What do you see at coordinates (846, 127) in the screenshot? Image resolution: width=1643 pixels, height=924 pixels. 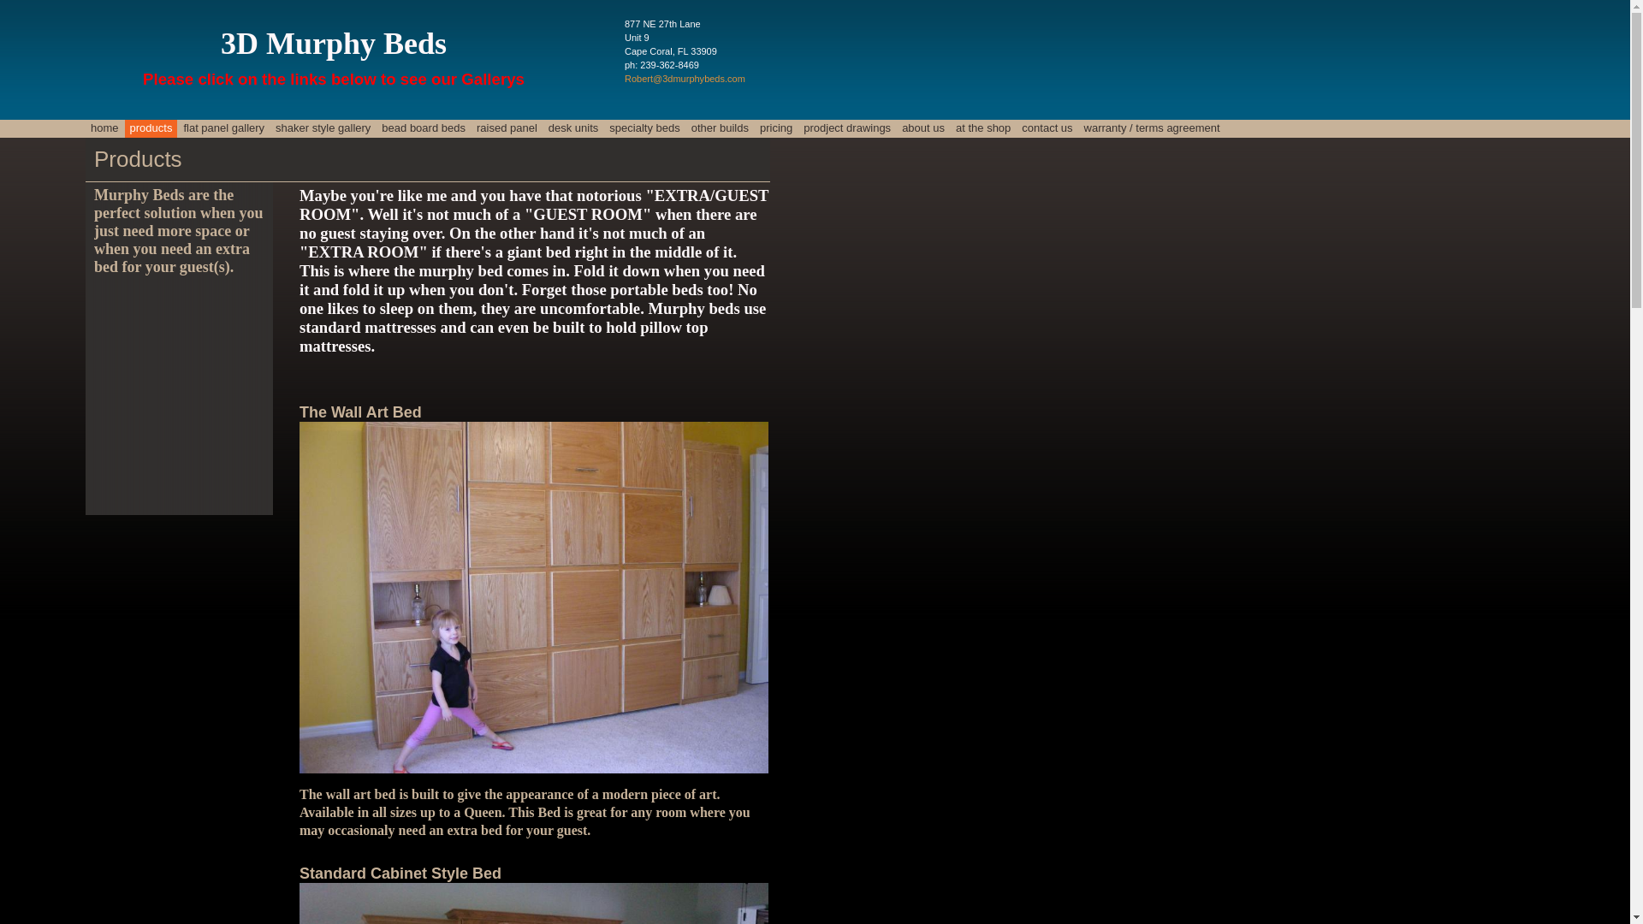 I see `'prodject drawings'` at bounding box center [846, 127].